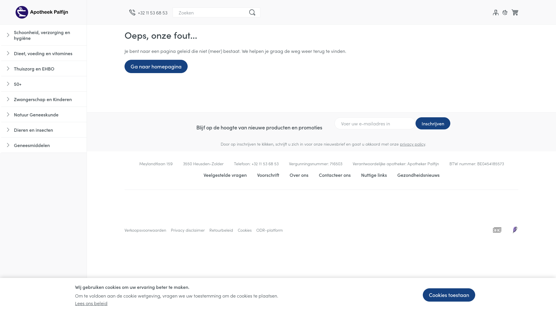 The image size is (556, 312). What do you see at coordinates (43, 84) in the screenshot?
I see `'50+'` at bounding box center [43, 84].